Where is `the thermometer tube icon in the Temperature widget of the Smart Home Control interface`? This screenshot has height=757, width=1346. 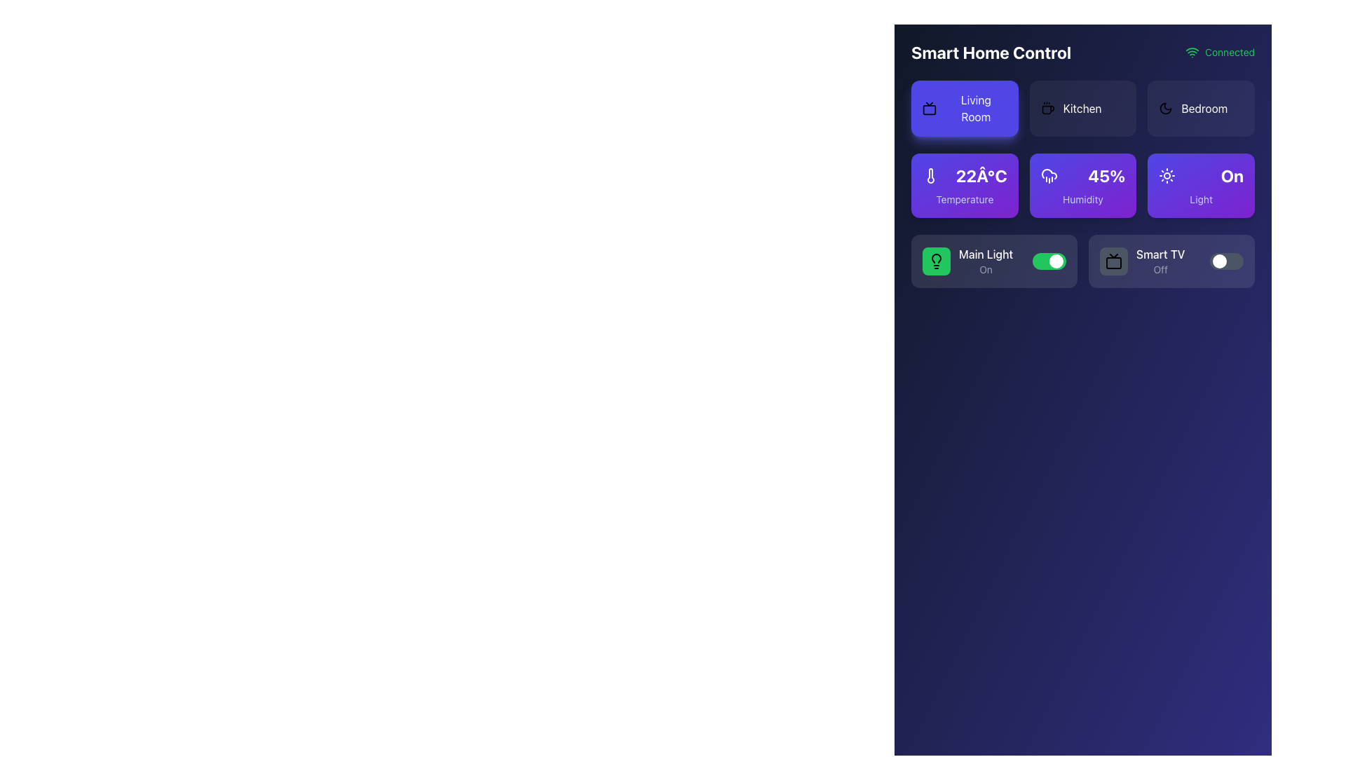 the thermometer tube icon in the Temperature widget of the Smart Home Control interface is located at coordinates (931, 175).